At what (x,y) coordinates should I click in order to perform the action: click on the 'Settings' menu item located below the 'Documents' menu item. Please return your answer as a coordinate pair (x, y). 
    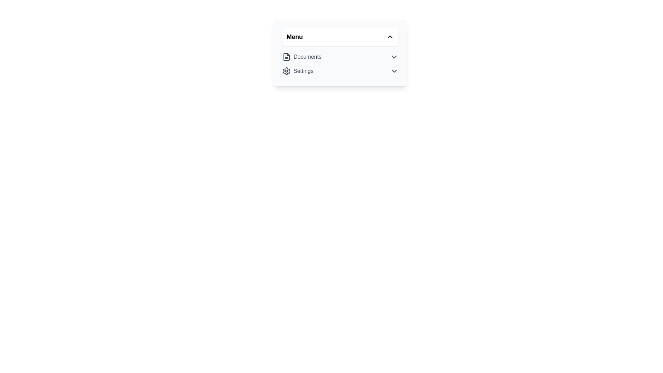
    Looking at the image, I should click on (298, 71).